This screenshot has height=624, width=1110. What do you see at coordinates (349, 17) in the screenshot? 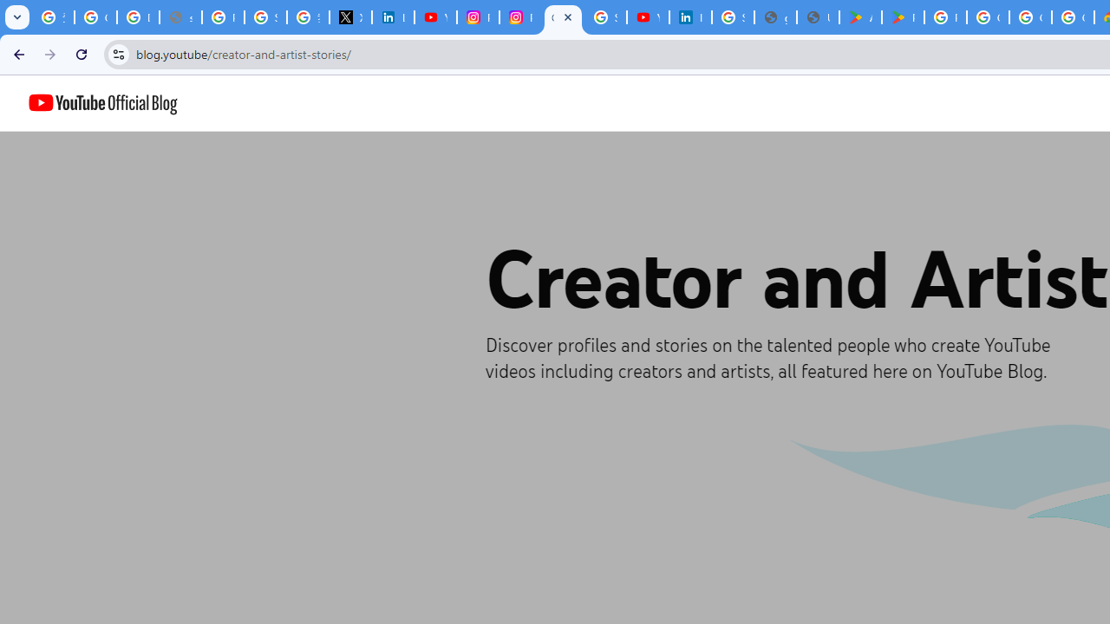
I see `'X'` at bounding box center [349, 17].